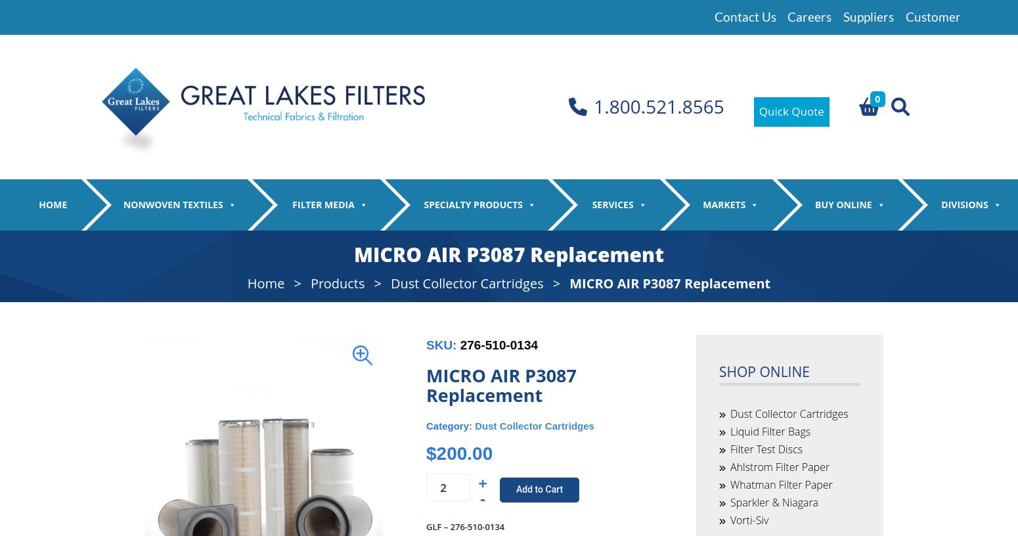 This screenshot has width=1018, height=536. Describe the element at coordinates (424, 386) in the screenshot. I see `'Lab Filter Paper'` at that location.